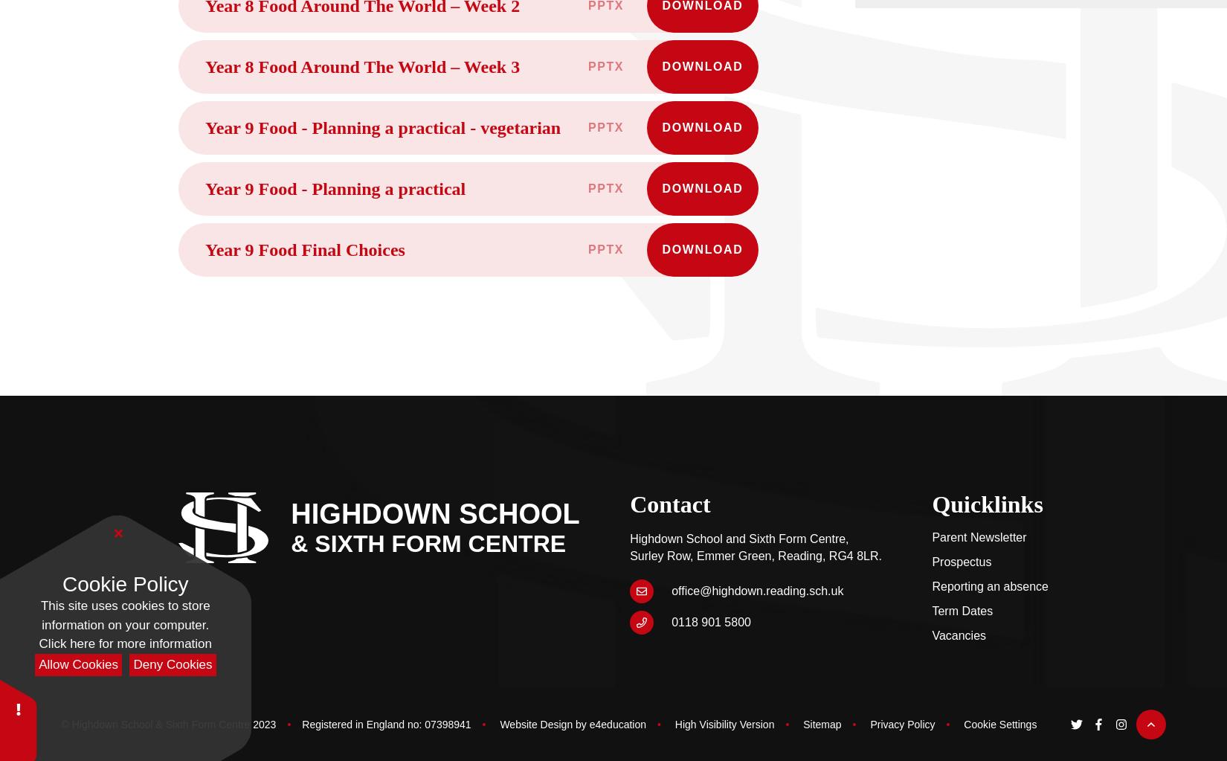  Describe the element at coordinates (385, 724) in the screenshot. I see `'Registered in England no: 07398941'` at that location.